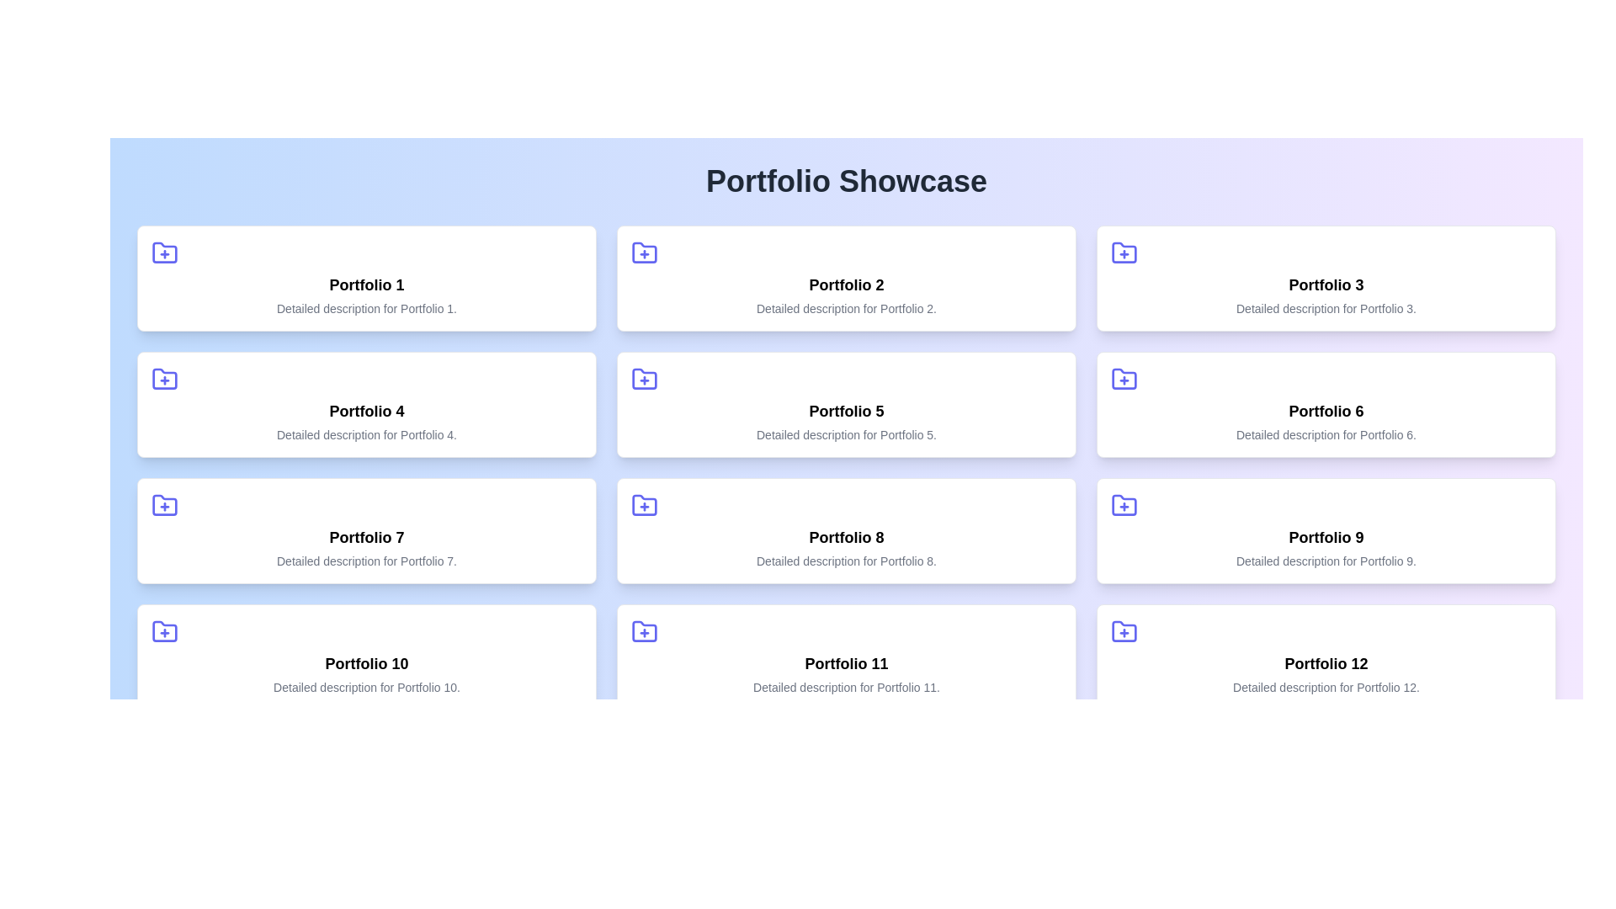 The width and height of the screenshot is (1616, 909). Describe the element at coordinates (366, 538) in the screenshot. I see `the title text label of the 'Portfolio 7' card, which is located in the third row and first column of the grid layout, positioned near the top-center of the card` at that location.